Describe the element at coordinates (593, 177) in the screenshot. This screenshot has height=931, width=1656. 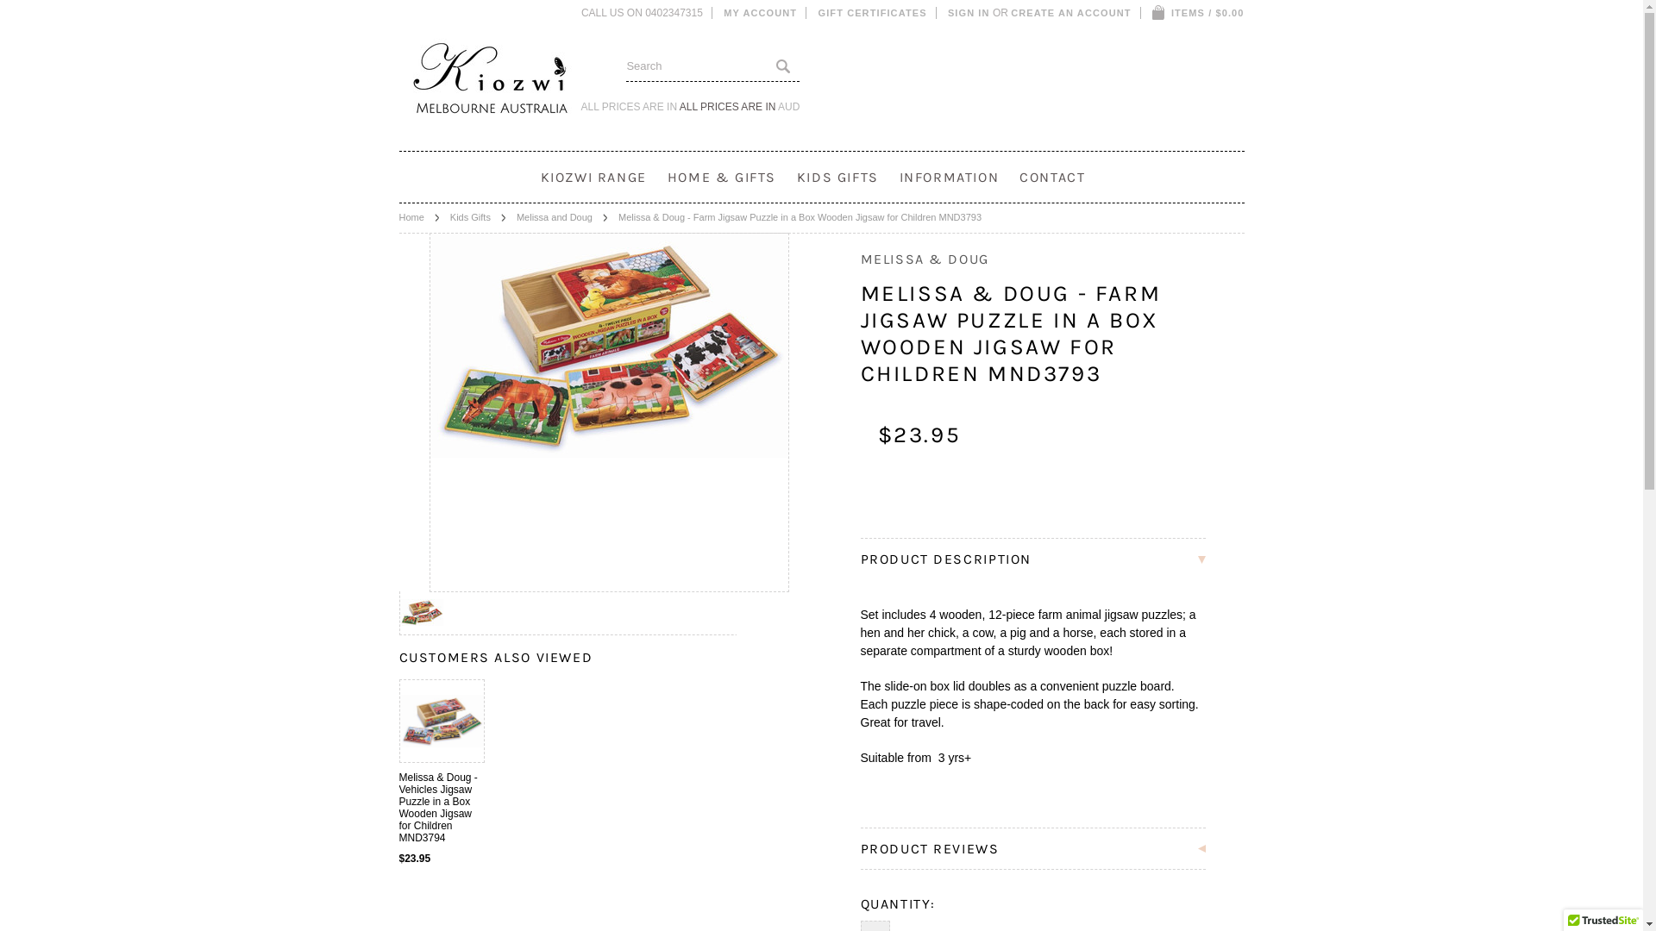
I see `'KIOZWI RANGE'` at that location.